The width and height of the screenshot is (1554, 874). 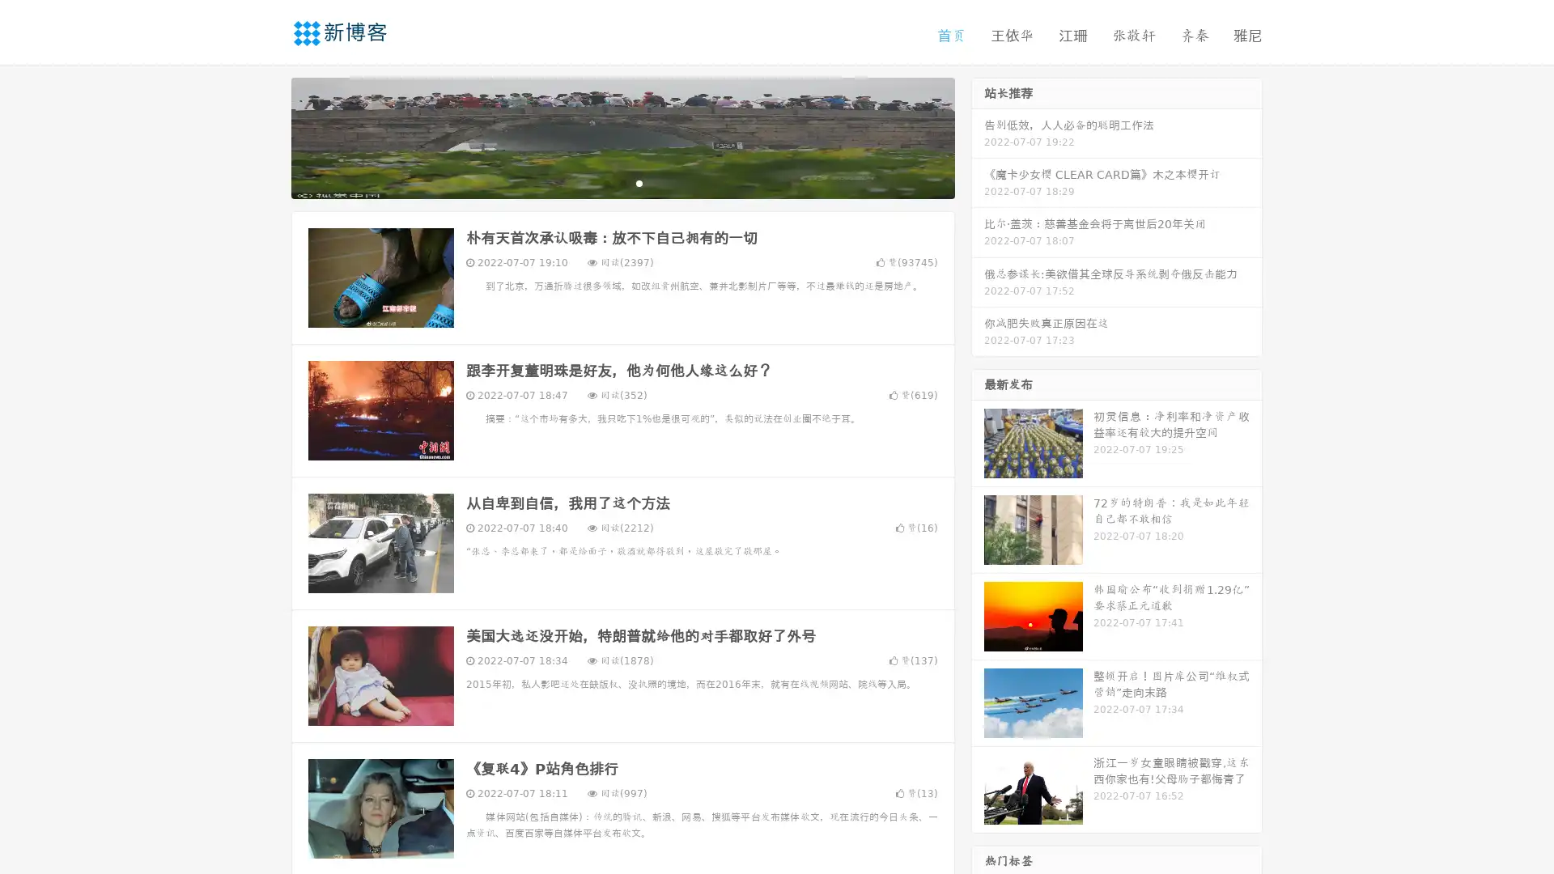 I want to click on Go to slide 3, so click(x=639, y=182).